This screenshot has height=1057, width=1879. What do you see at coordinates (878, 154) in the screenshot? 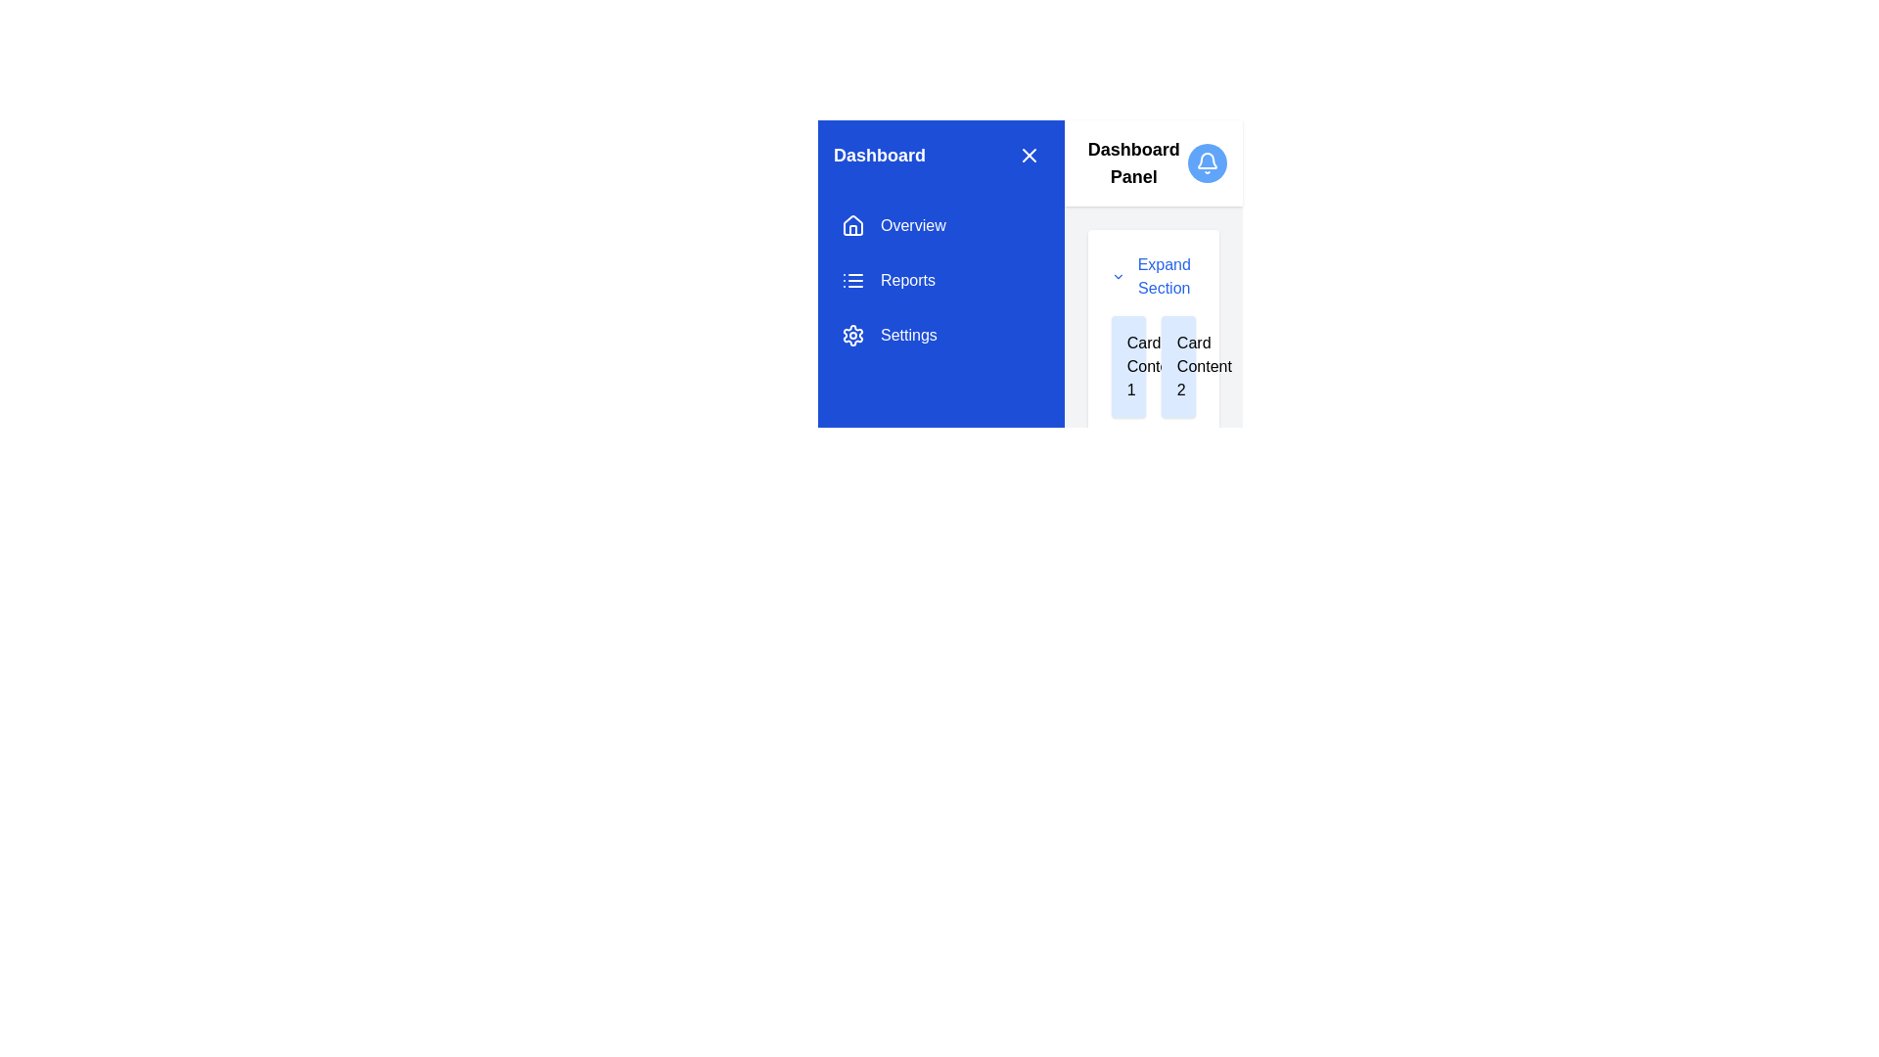
I see `the static text label indicating the dashboard section, which is positioned near the top-left corner of the menu layout, to the left of the close icon` at bounding box center [878, 154].